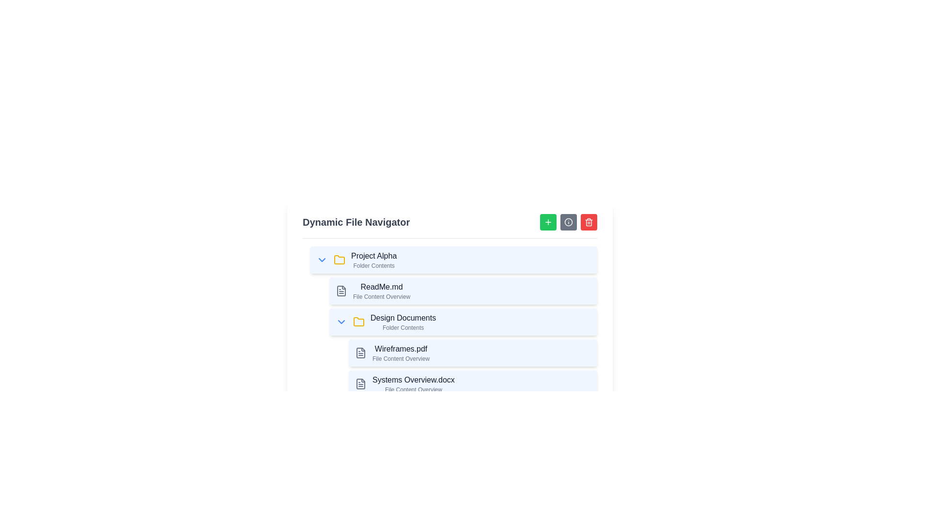 The image size is (930, 523). What do you see at coordinates (569, 222) in the screenshot?
I see `the help icon located in the upper right section of the interface, positioned between the green '+' icon and the red trash bin icon` at bounding box center [569, 222].